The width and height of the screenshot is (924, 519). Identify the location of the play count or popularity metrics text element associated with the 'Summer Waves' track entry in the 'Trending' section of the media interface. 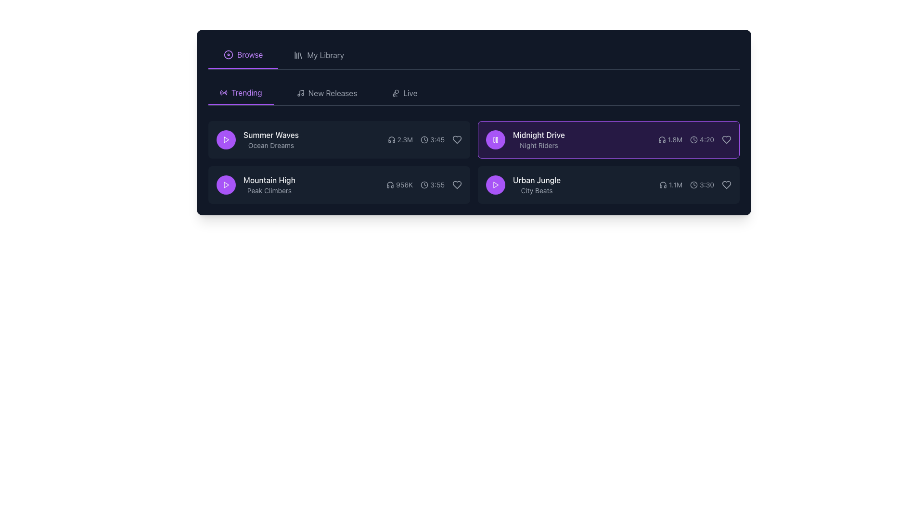
(400, 139).